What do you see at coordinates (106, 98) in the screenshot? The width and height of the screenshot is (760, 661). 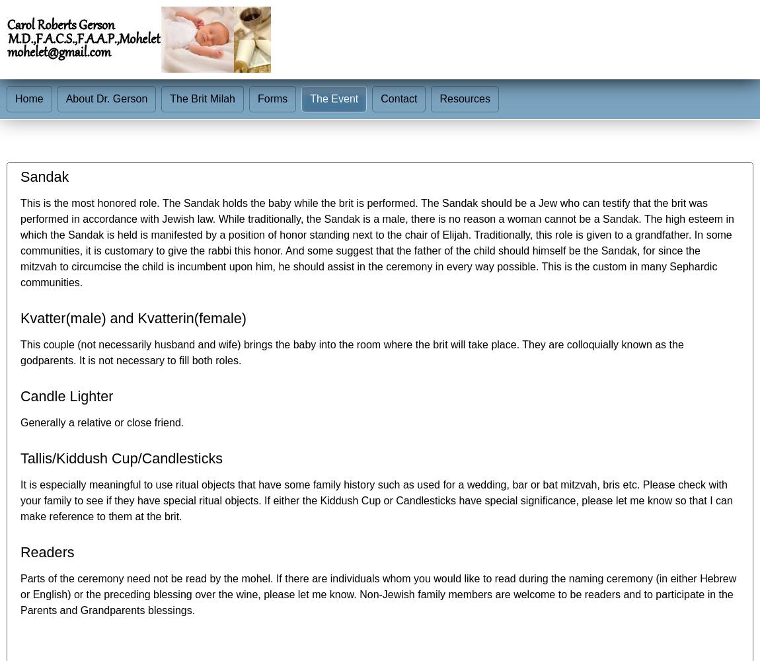 I see `'About Dr. Gerson'` at bounding box center [106, 98].